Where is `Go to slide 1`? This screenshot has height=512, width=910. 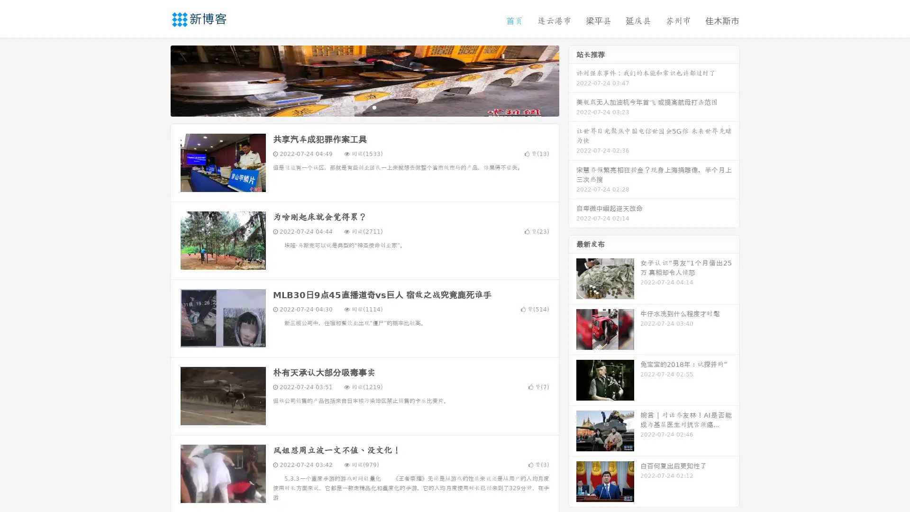 Go to slide 1 is located at coordinates (355, 107).